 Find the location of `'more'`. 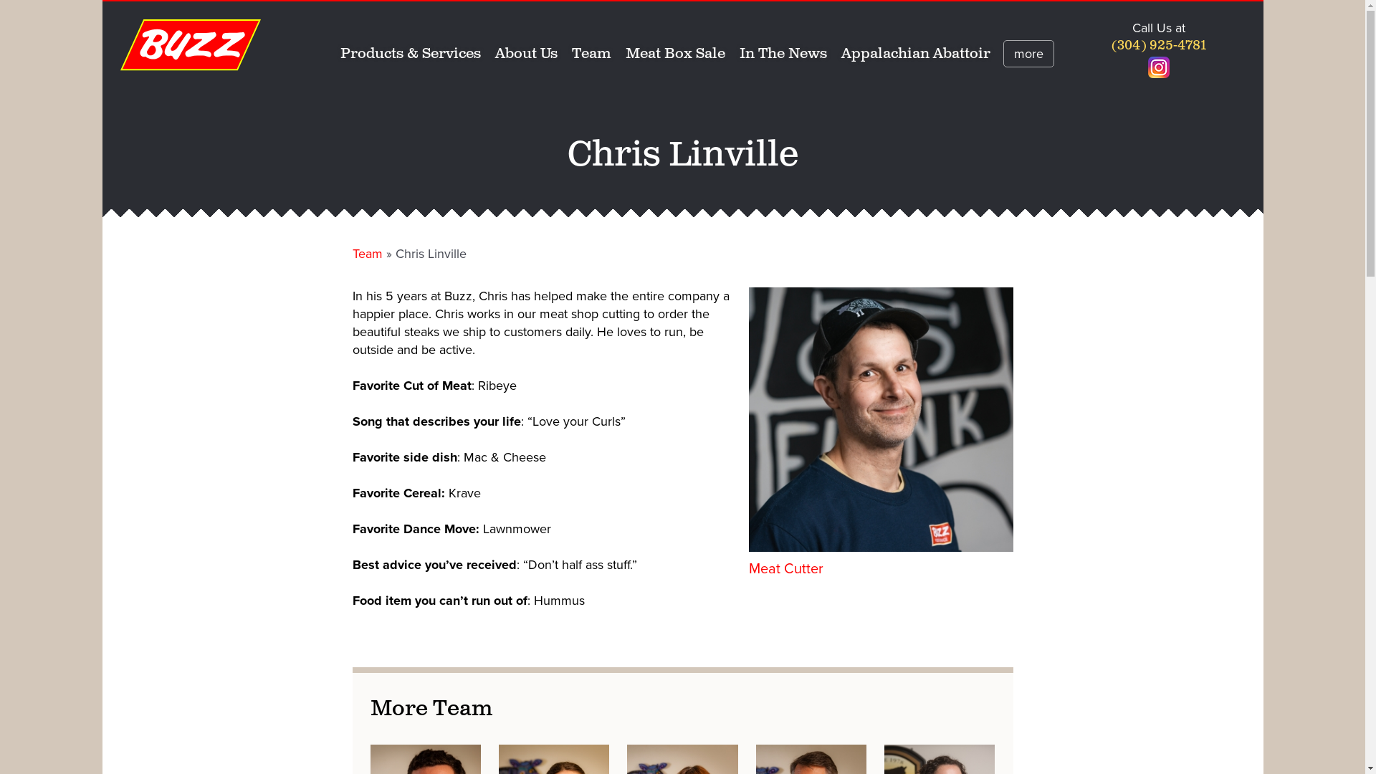

'more' is located at coordinates (1028, 52).